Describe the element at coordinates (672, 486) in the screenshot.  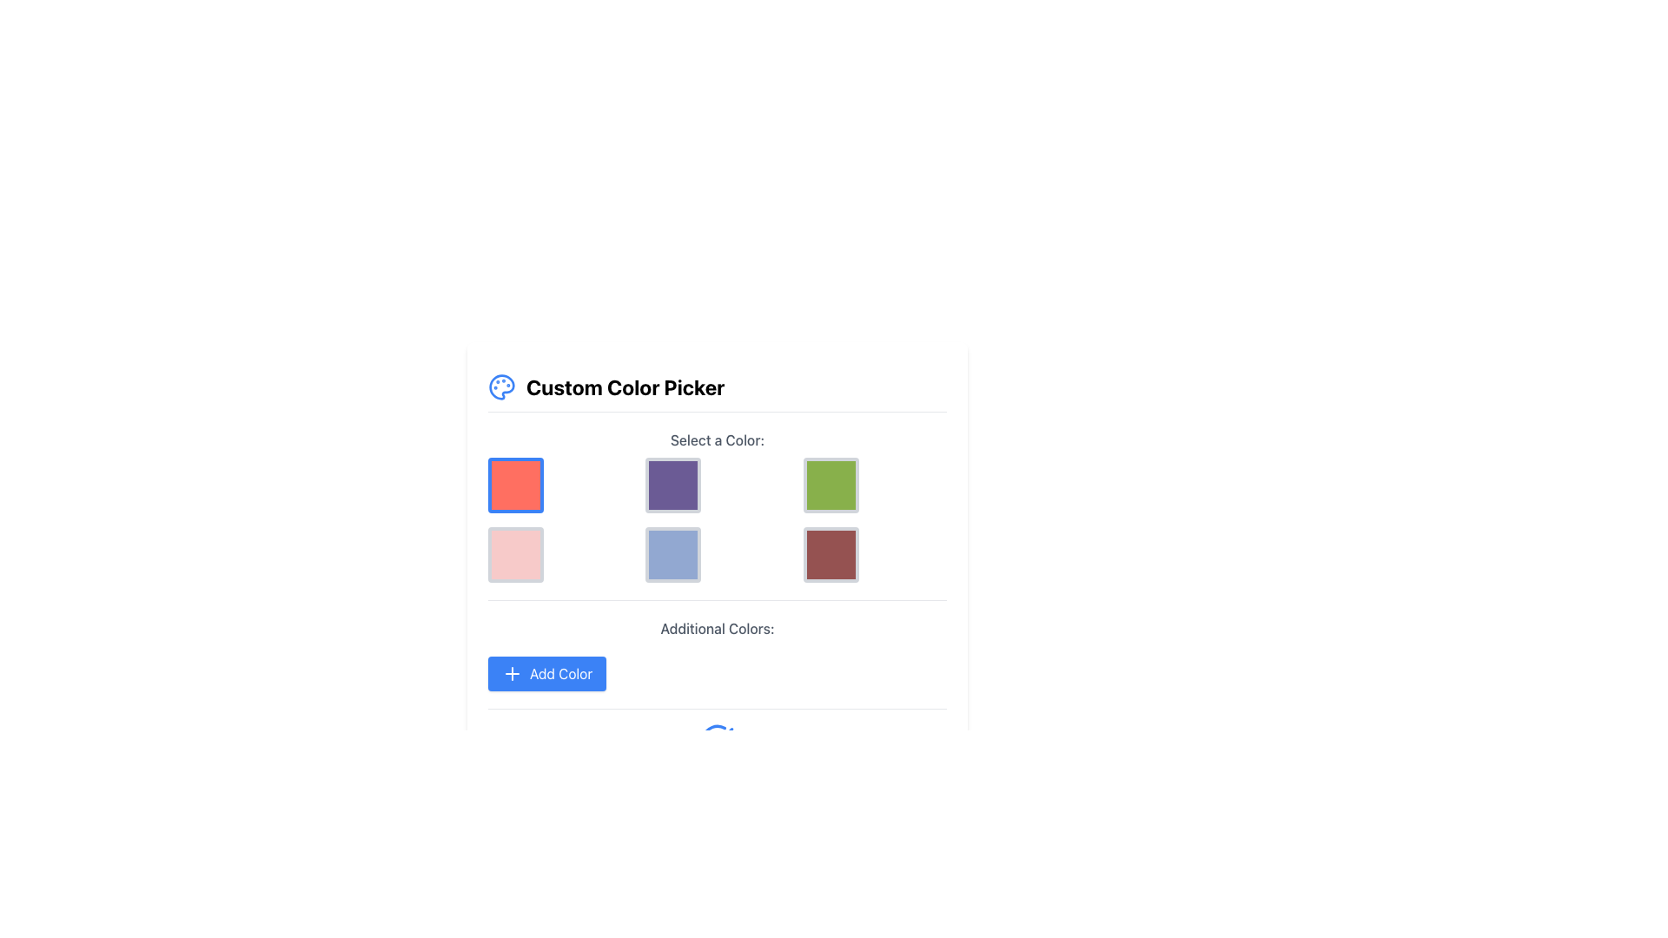
I see `the Selectable Color Box with a purple background, located in the middle item of the top row in a 3x2 grid layout, directly below the 'Select a Color' heading` at that location.